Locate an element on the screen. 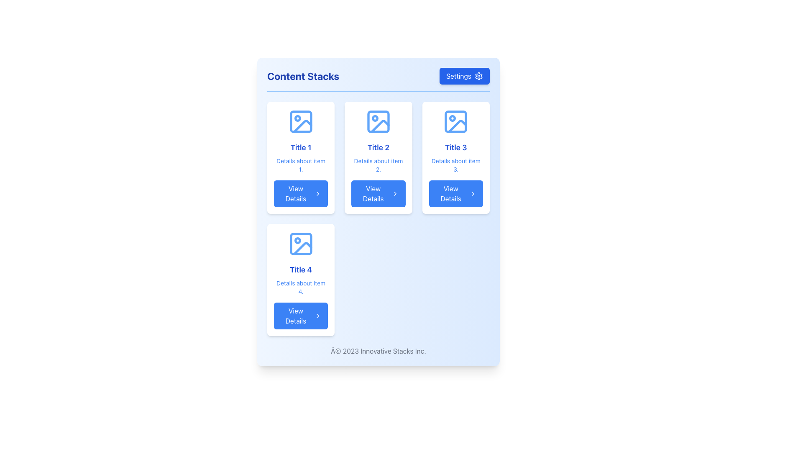 The width and height of the screenshot is (803, 452). the information card located in the first column of the first row of the grid layout is located at coordinates (301, 158).